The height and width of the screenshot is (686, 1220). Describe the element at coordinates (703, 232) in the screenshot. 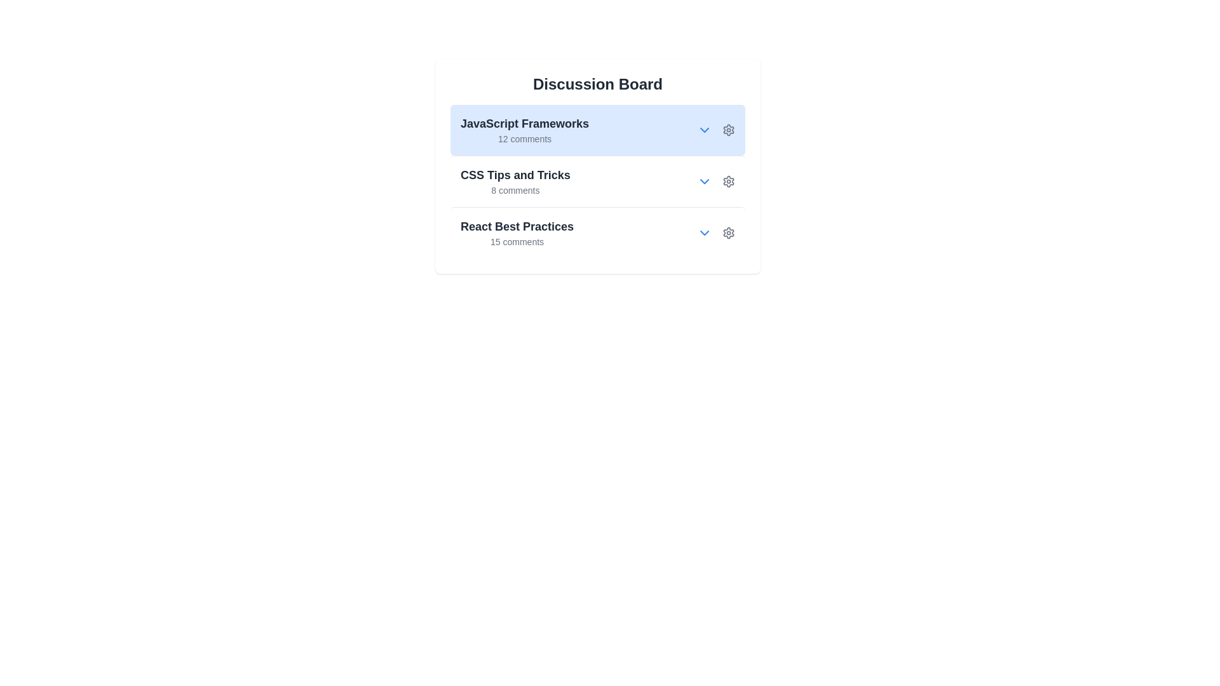

I see `the topic React Best Practices by clicking its arrow button` at that location.